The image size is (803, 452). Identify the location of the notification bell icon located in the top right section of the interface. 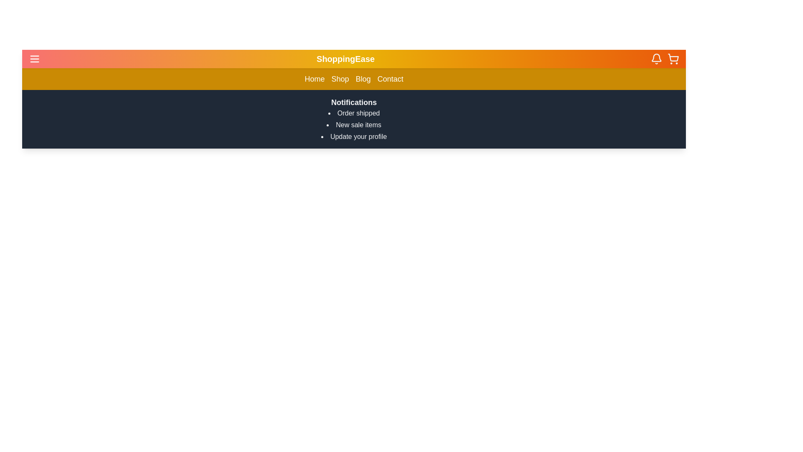
(656, 57).